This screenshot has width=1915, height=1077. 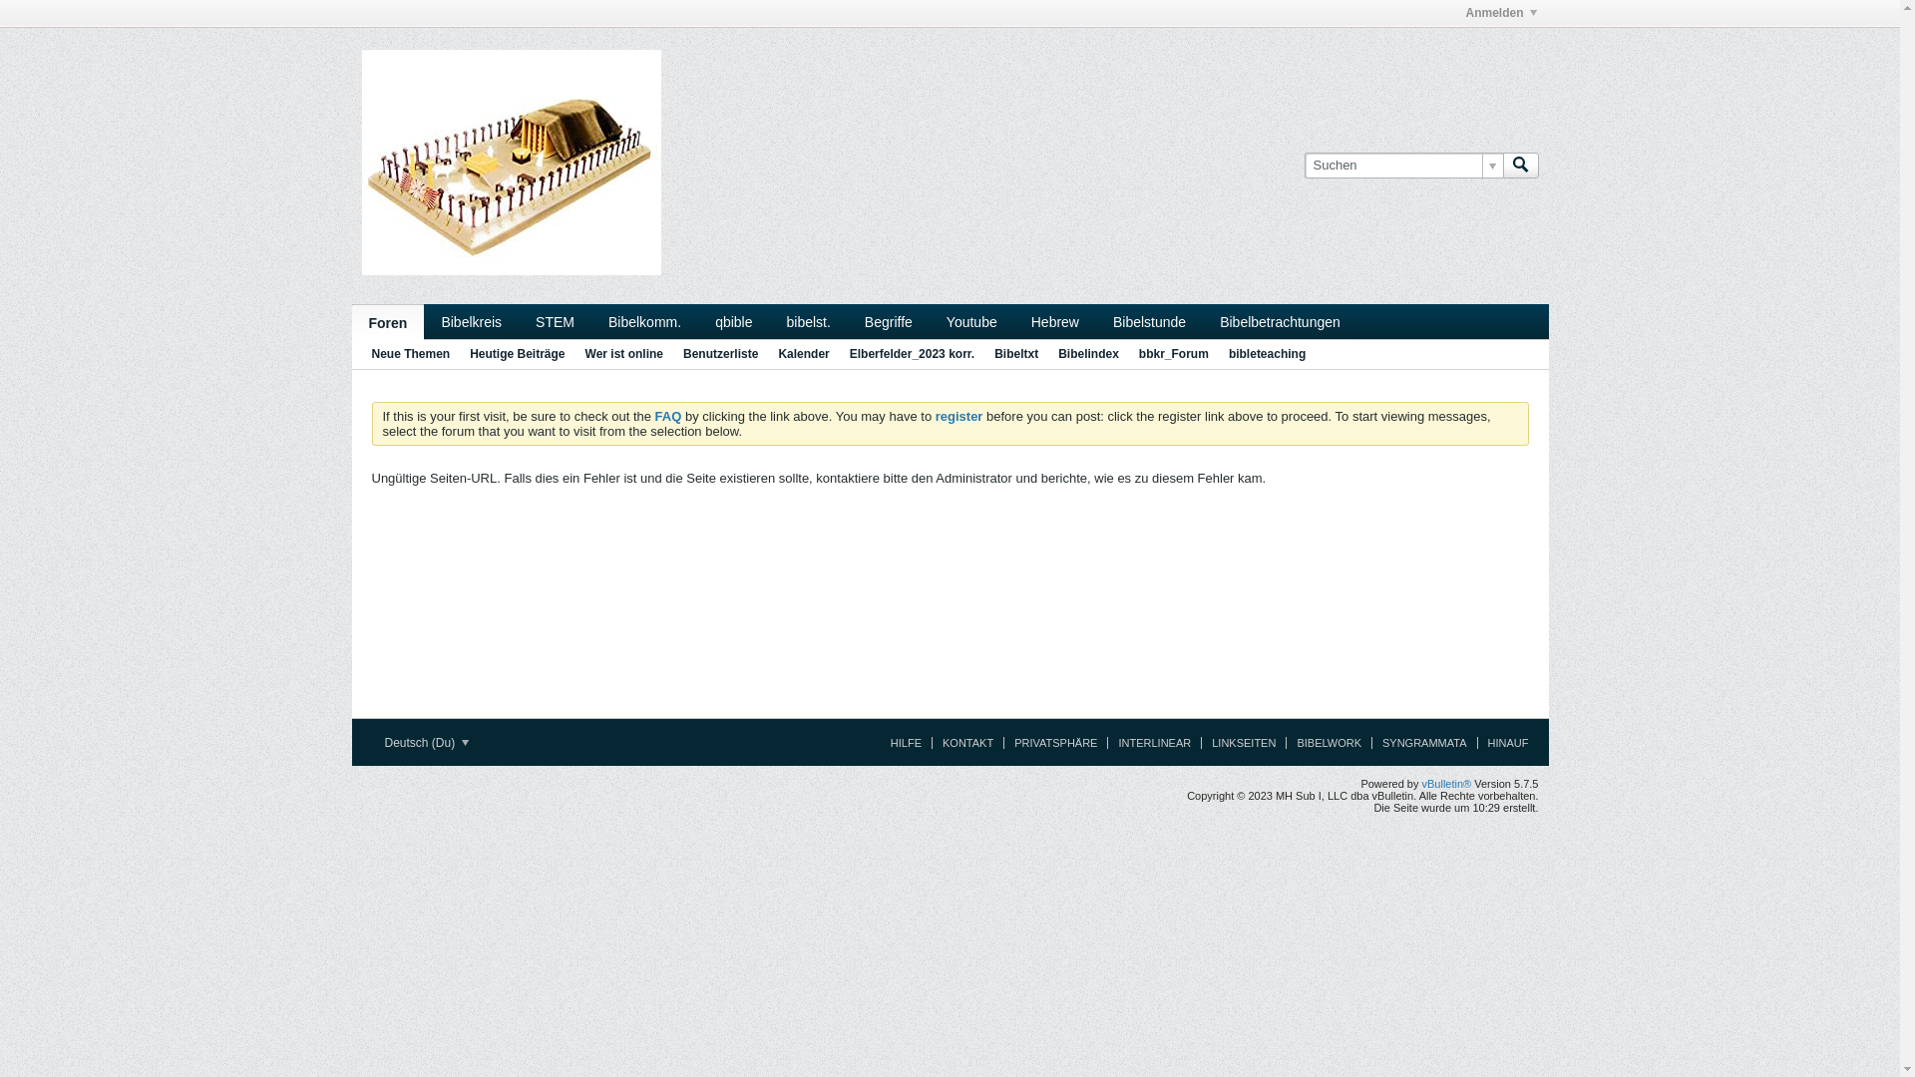 I want to click on 'Begriffe', so click(x=888, y=320).